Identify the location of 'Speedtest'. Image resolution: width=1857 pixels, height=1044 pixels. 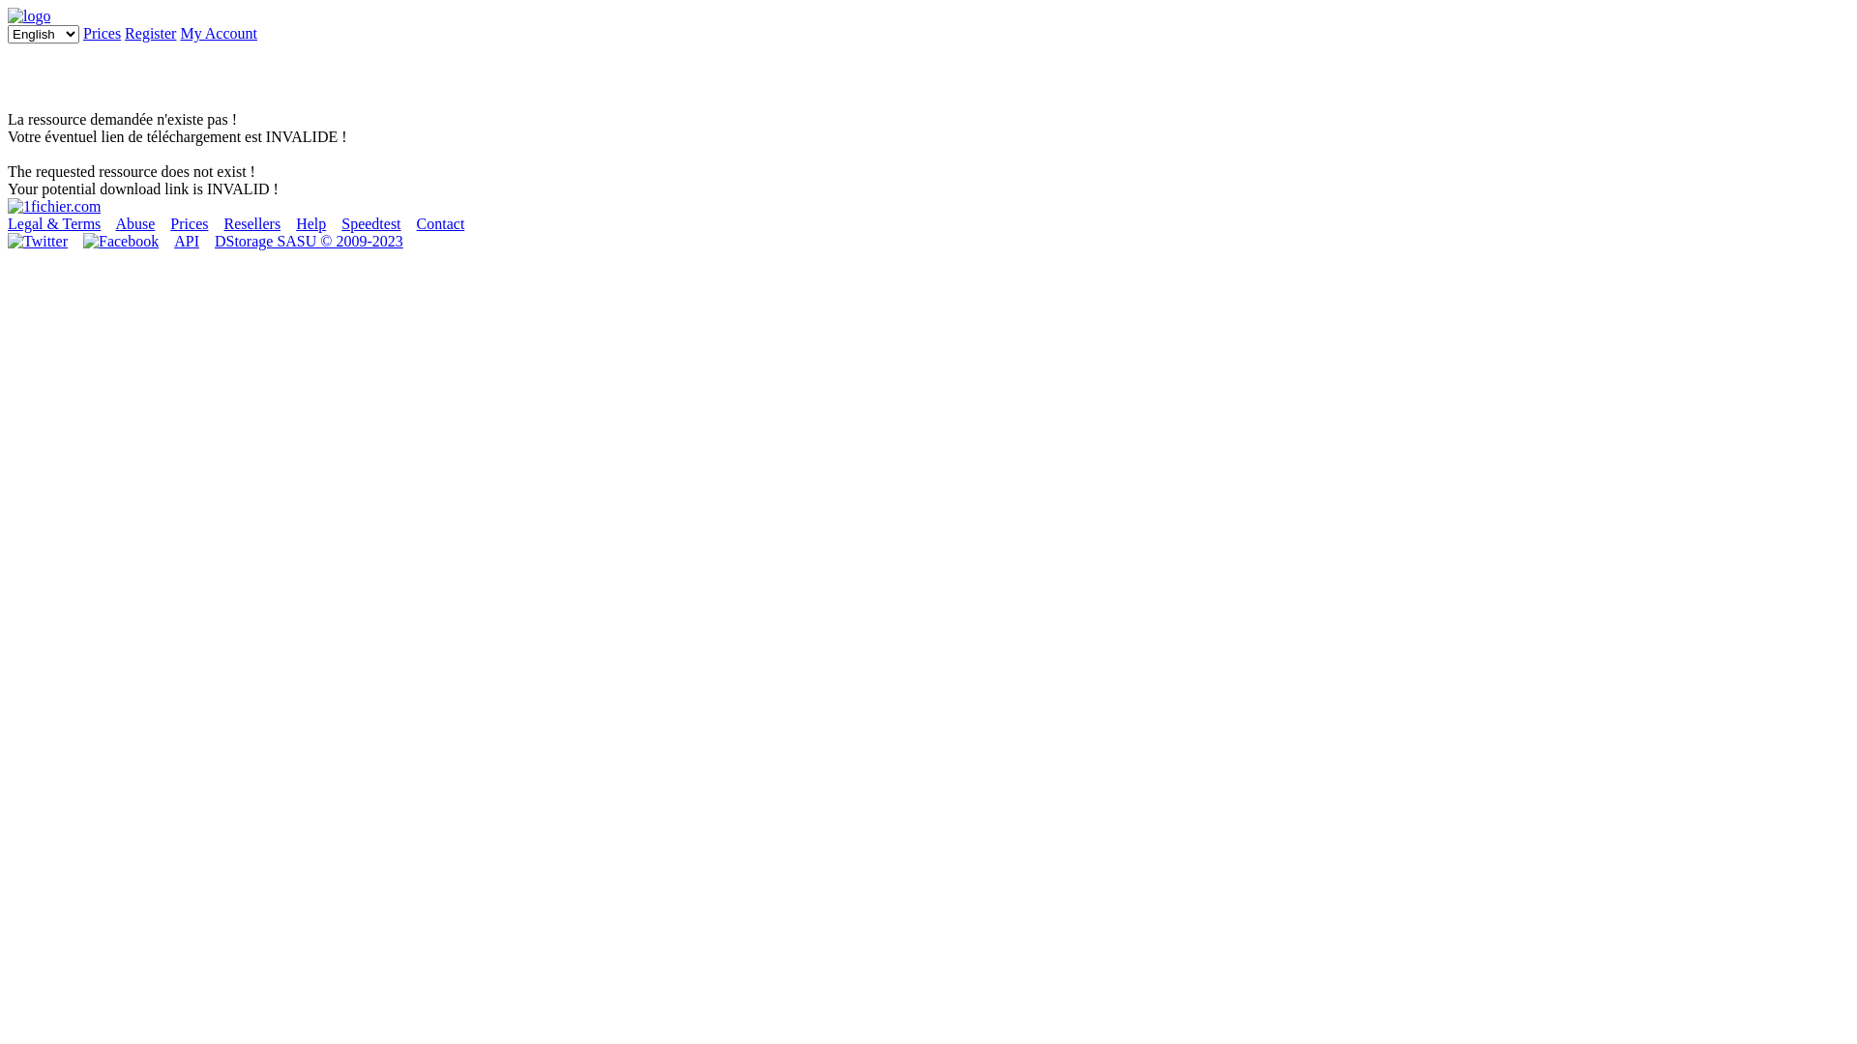
(370, 222).